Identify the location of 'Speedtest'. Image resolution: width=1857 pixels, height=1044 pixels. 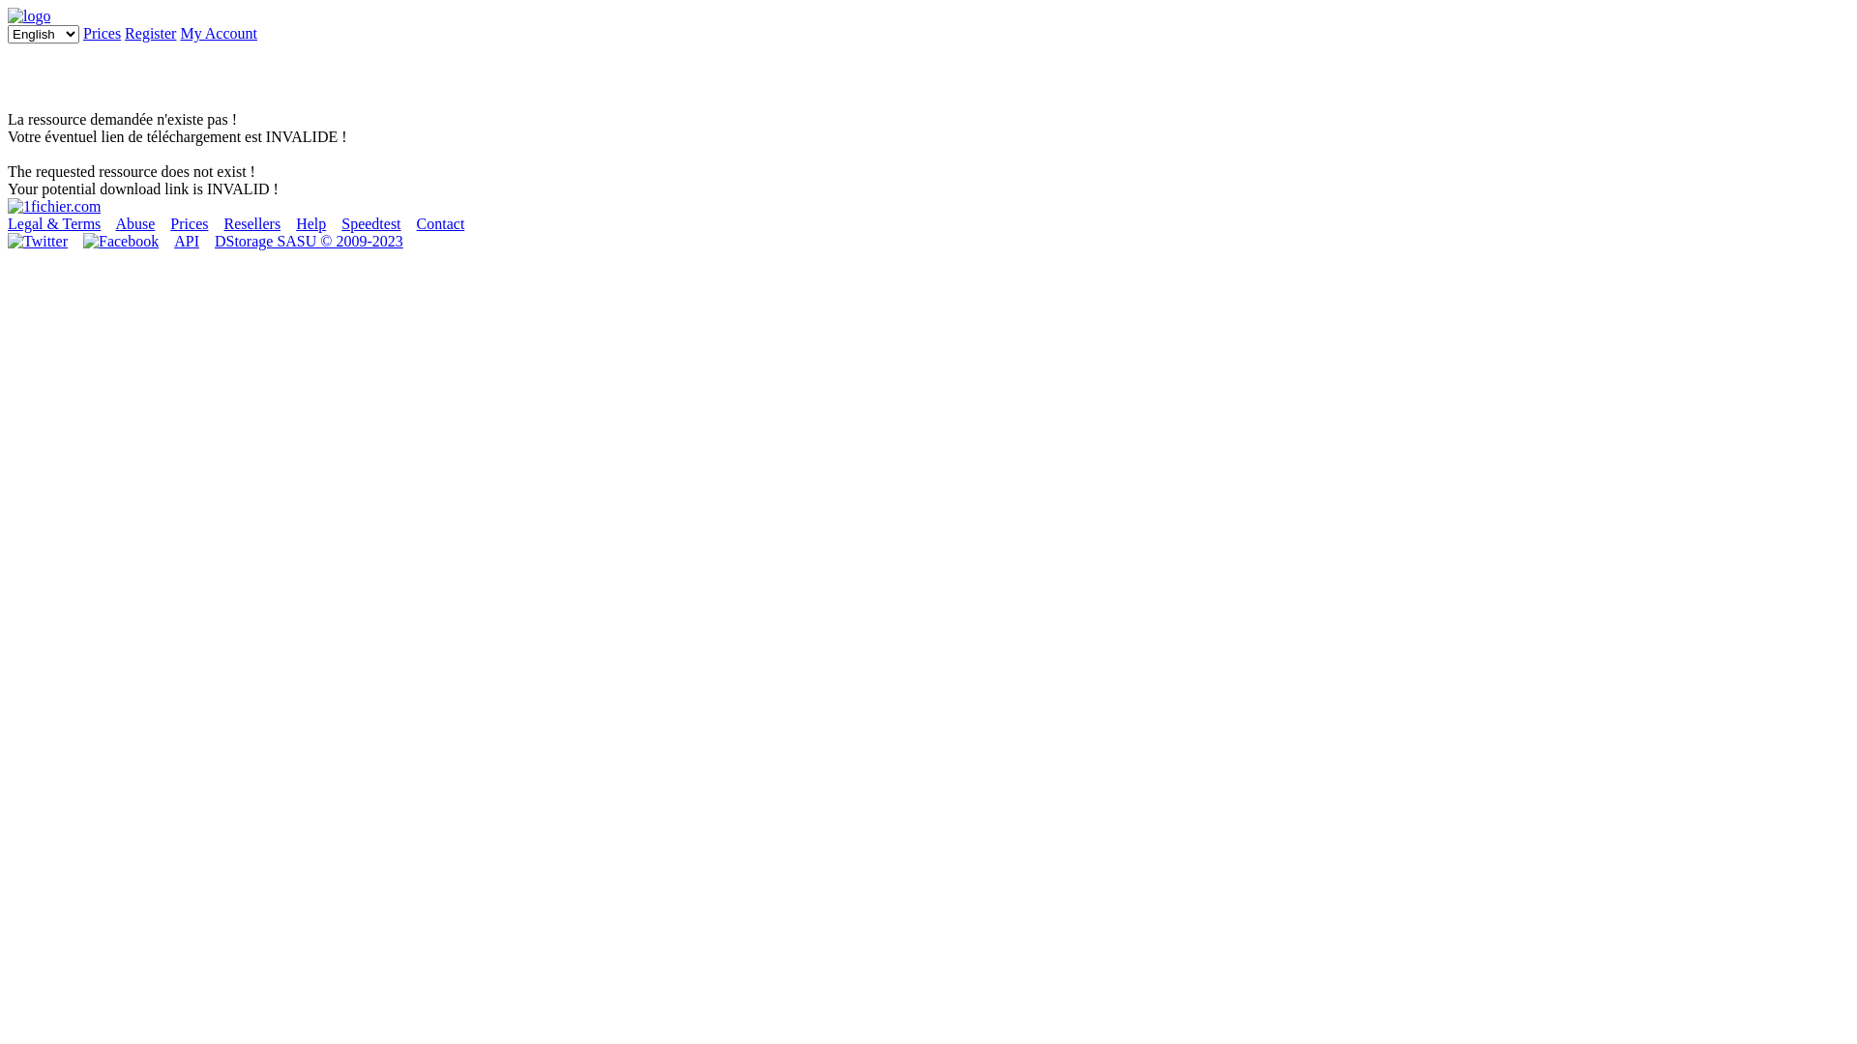
(370, 222).